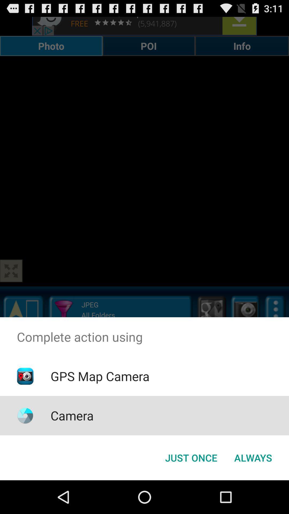  What do you see at coordinates (253, 457) in the screenshot?
I see `the app below the complete action using item` at bounding box center [253, 457].